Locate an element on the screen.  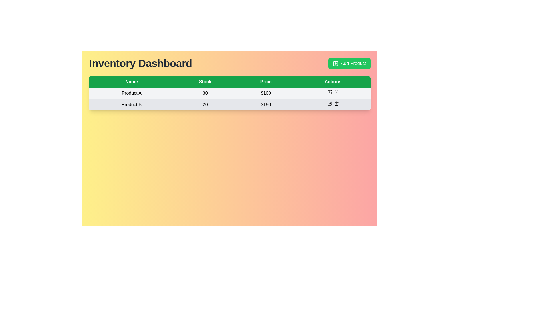
displayed price information from the Text label showing '$150' in black font under the 'Price' column for 'Product B' in the table structure is located at coordinates (266, 105).